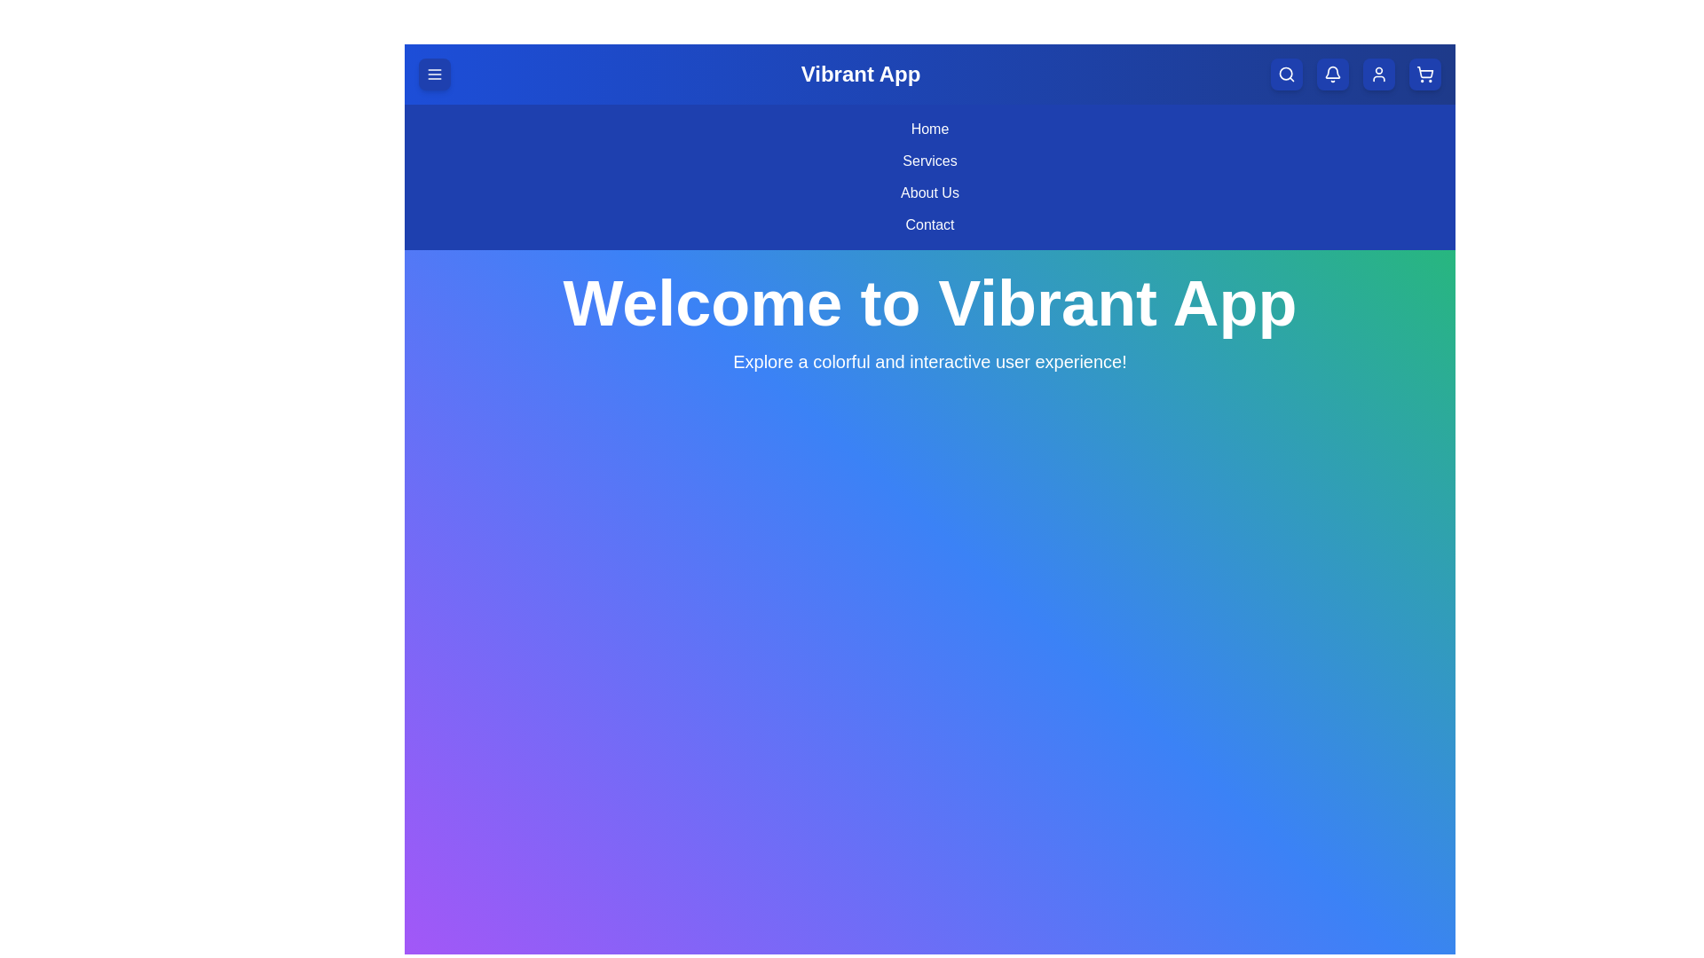 The width and height of the screenshot is (1704, 958). What do you see at coordinates (1333, 74) in the screenshot?
I see `the notification bell button` at bounding box center [1333, 74].